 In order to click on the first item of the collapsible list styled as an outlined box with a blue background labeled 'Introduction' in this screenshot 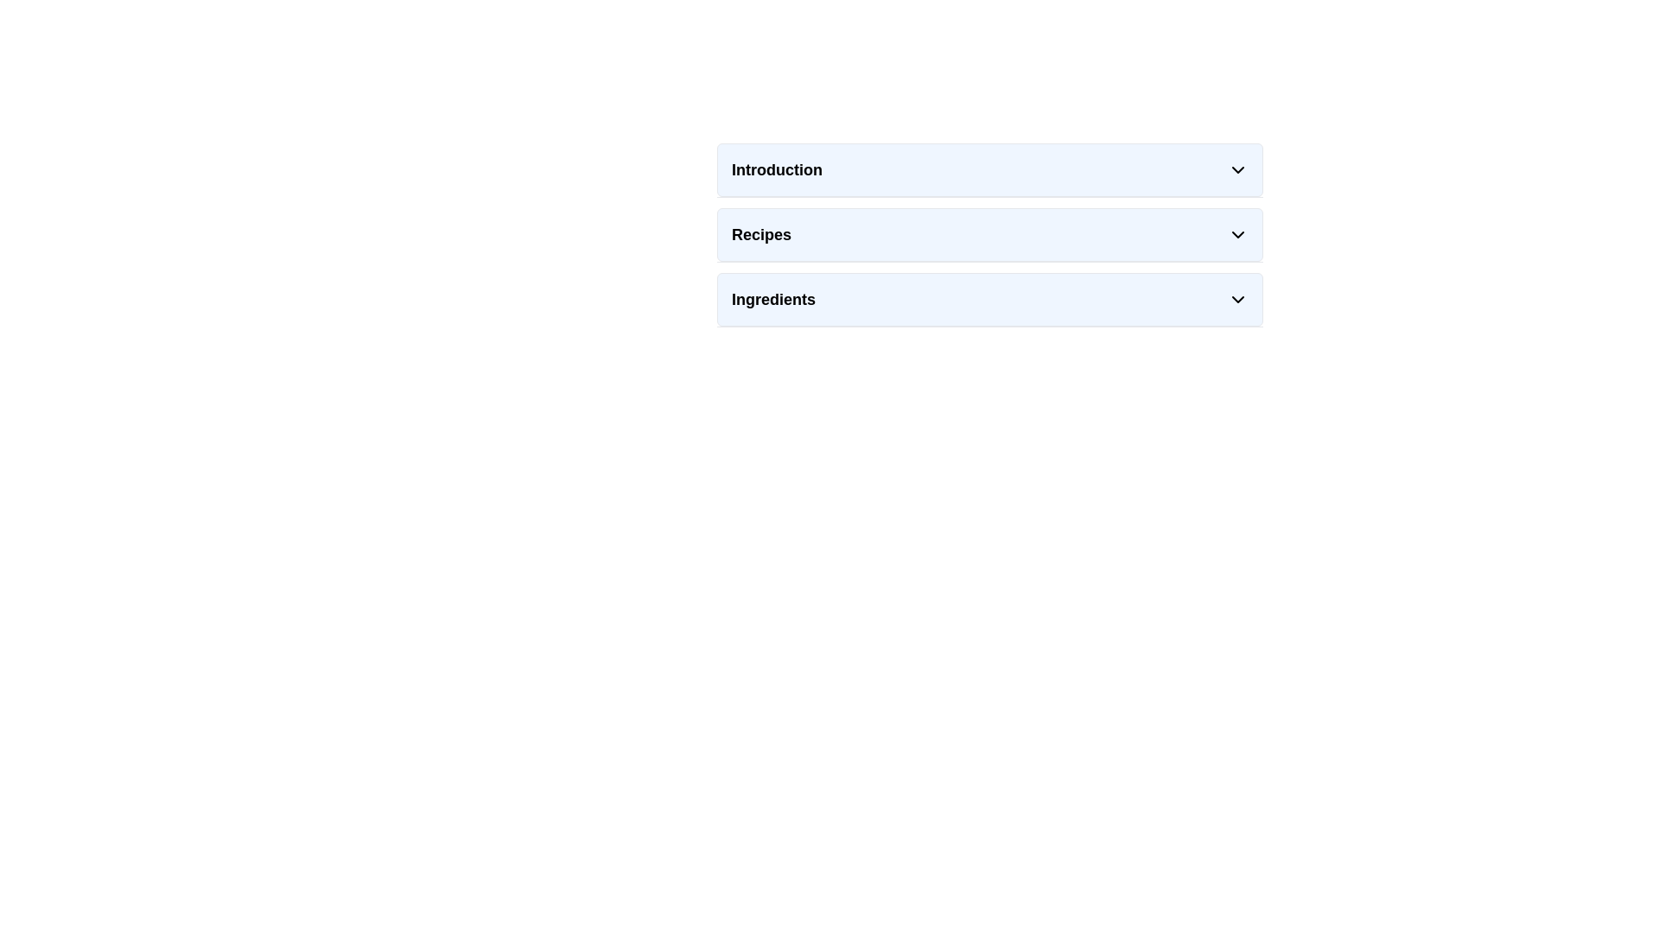, I will do `click(990, 169)`.